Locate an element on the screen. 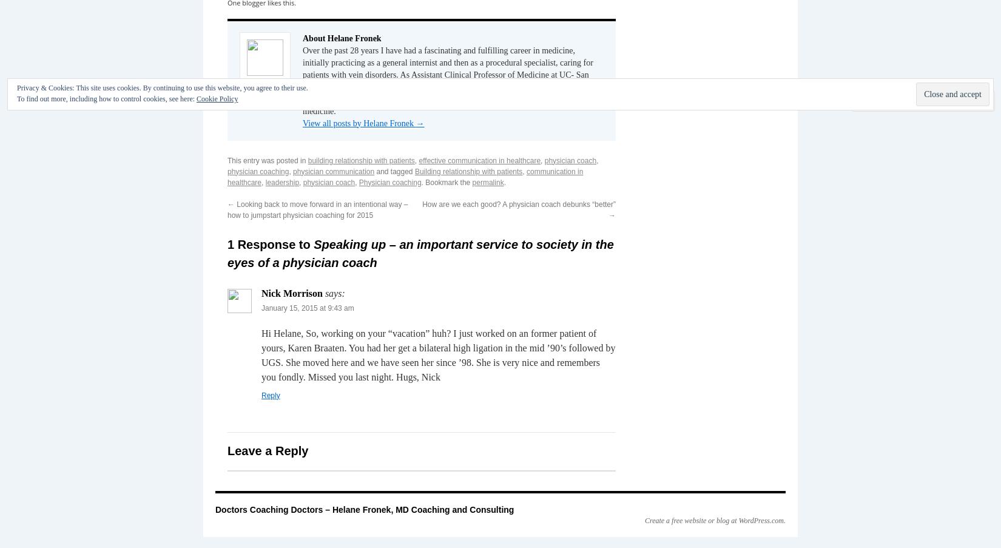 Image resolution: width=1001 pixels, height=548 pixels. 'says:' is located at coordinates (334, 293).